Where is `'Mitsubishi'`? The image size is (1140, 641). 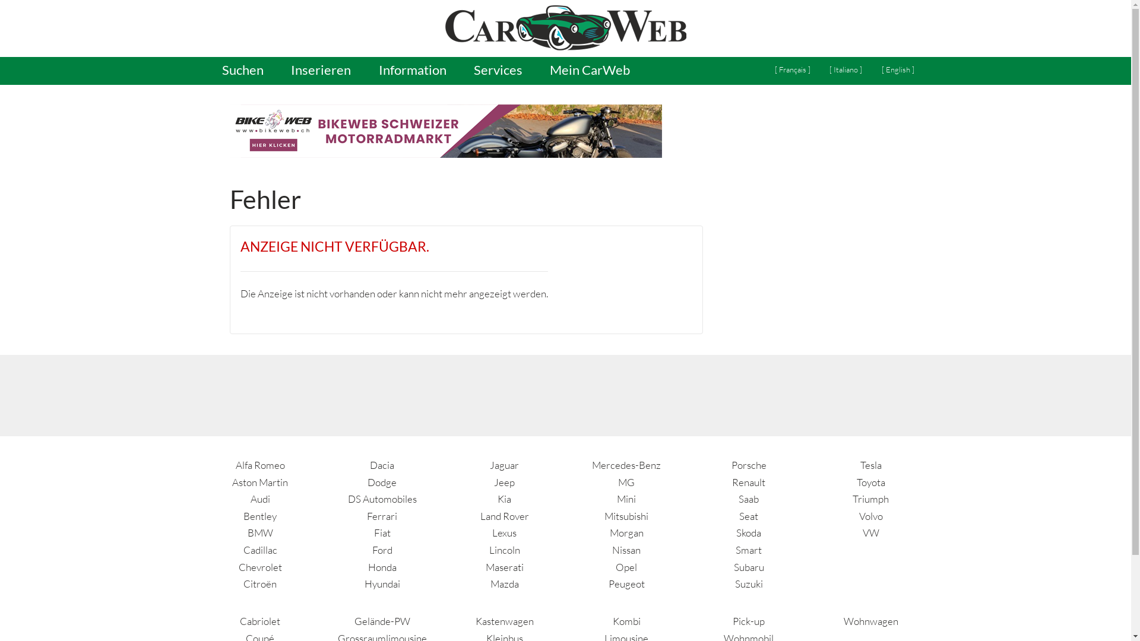
'Mitsubishi' is located at coordinates (626, 515).